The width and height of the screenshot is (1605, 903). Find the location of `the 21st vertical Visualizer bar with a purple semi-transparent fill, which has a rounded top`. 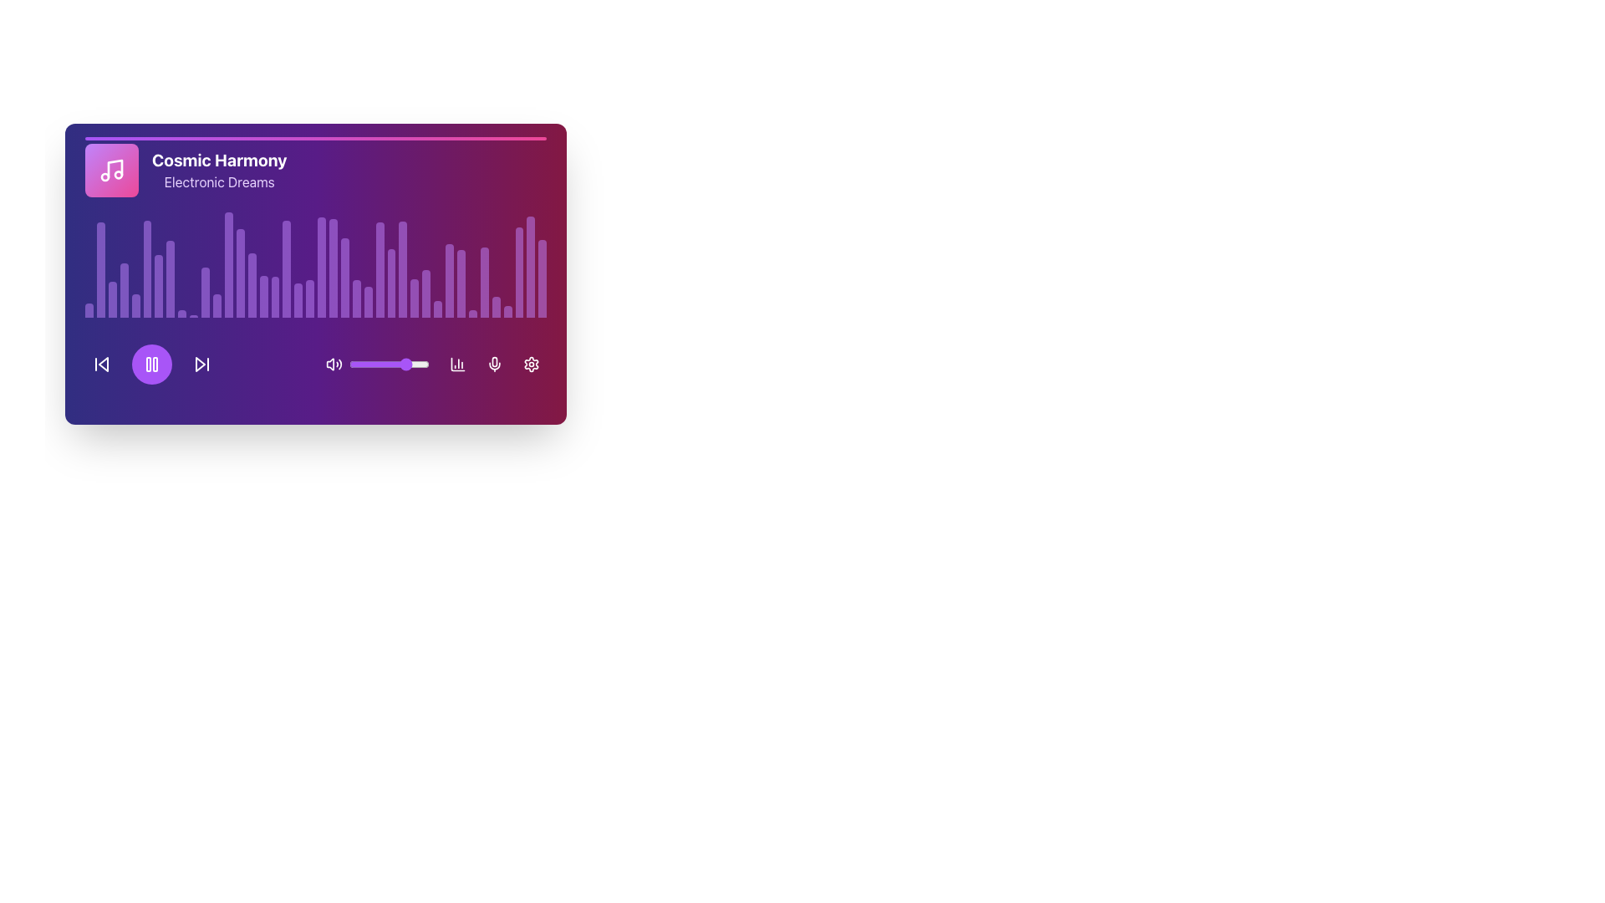

the 21st vertical Visualizer bar with a purple semi-transparent fill, which has a rounded top is located at coordinates (322, 267).